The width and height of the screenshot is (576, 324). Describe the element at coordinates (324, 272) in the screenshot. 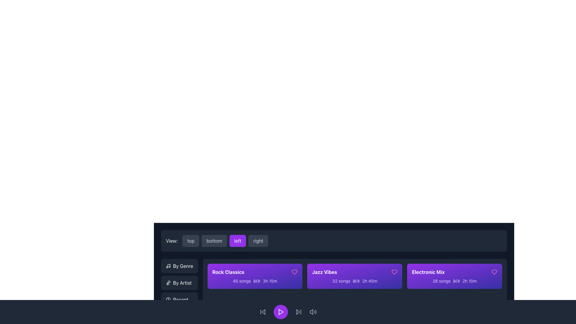

I see `the bold white text element reading 'Jazz Vibes' displayed on a dark purple background` at that location.